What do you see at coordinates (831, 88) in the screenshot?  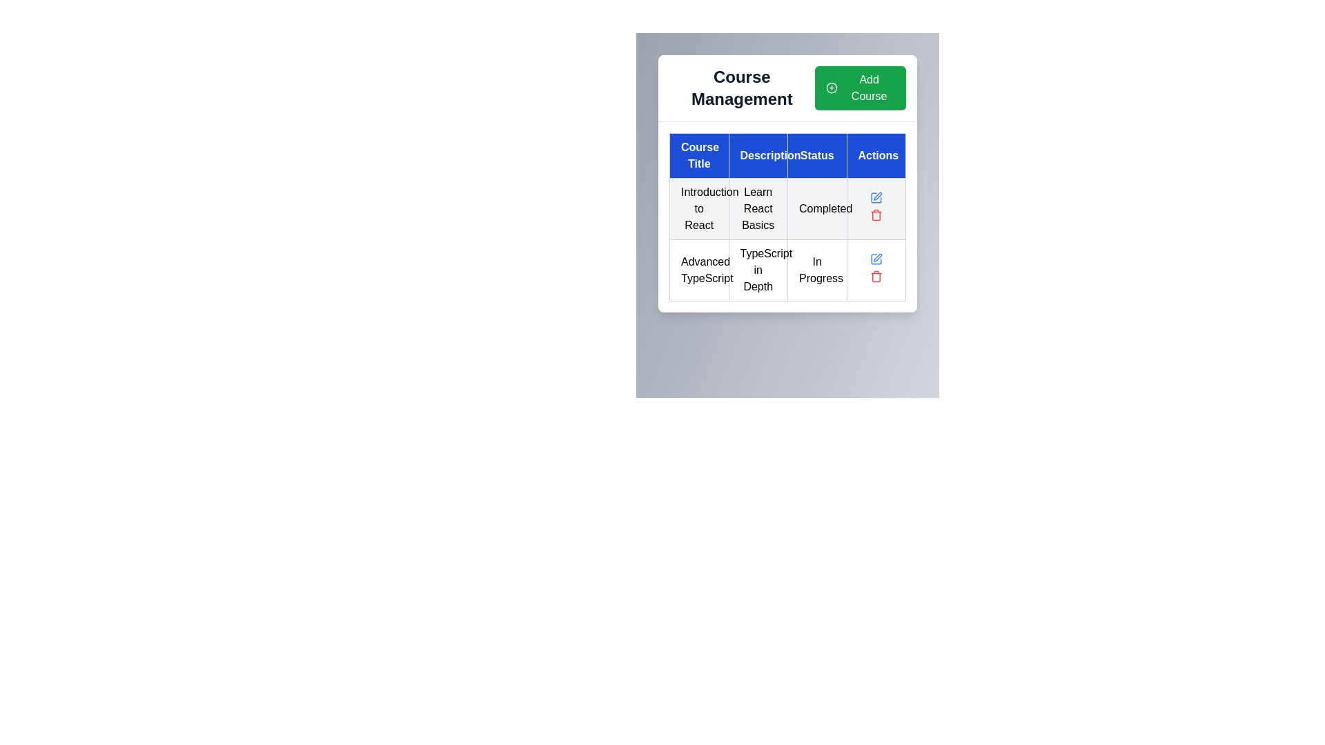 I see `the 'Add Course' button to activate the circular icon with a green outline and white plus symbol located at the top-right corner of the interface` at bounding box center [831, 88].